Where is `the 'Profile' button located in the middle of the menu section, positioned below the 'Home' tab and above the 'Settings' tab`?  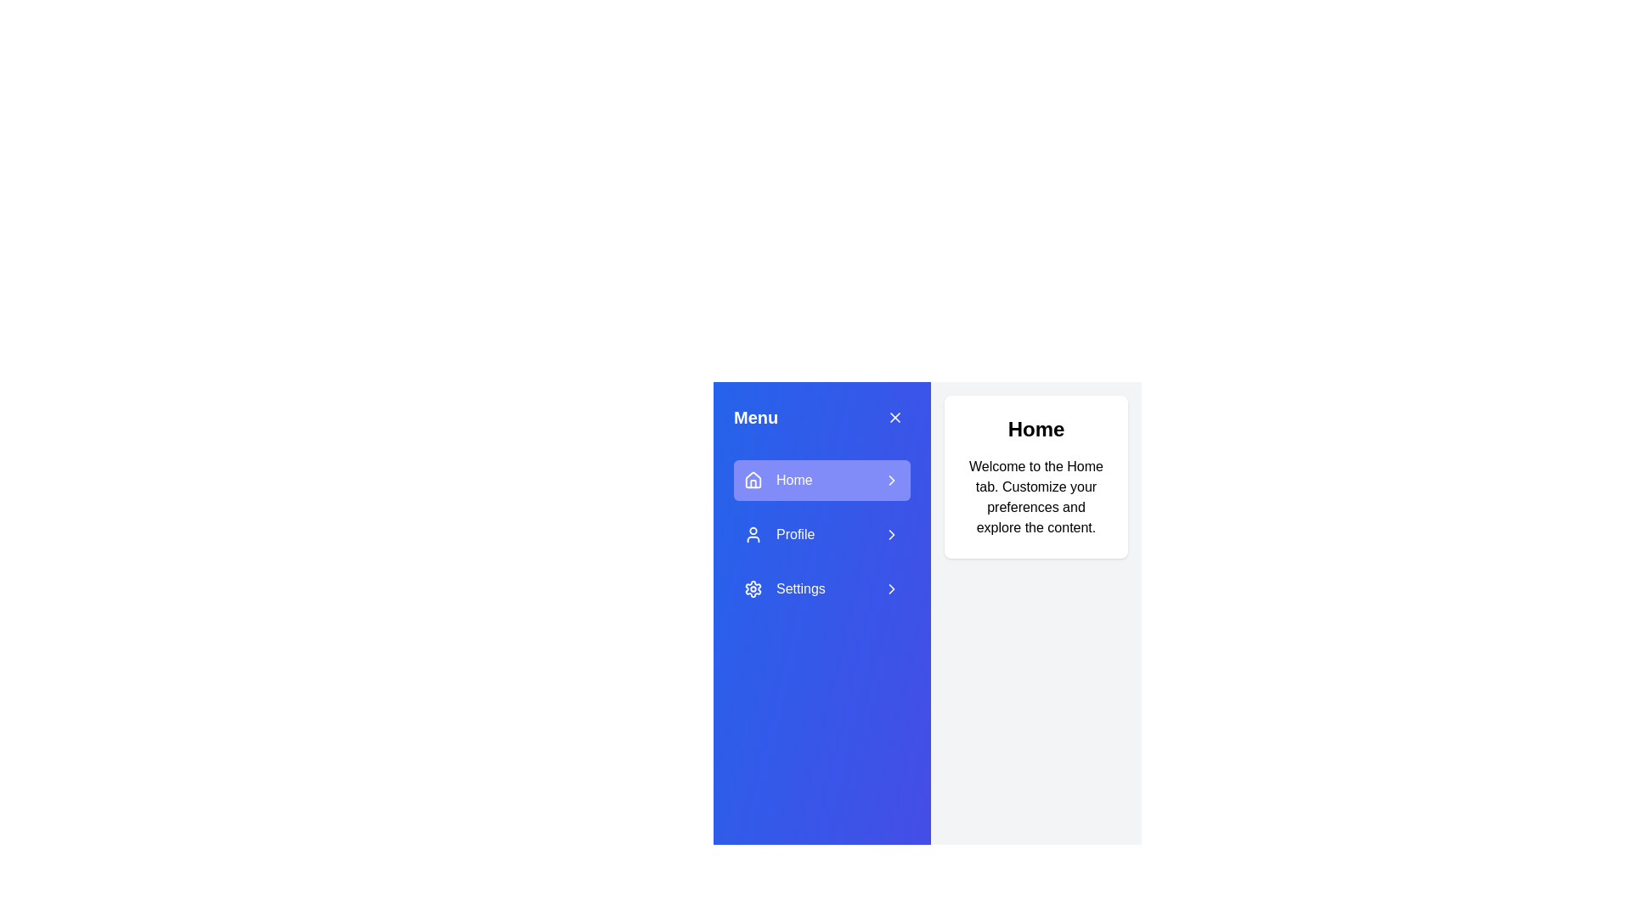 the 'Profile' button located in the middle of the menu section, positioned below the 'Home' tab and above the 'Settings' tab is located at coordinates (822, 533).